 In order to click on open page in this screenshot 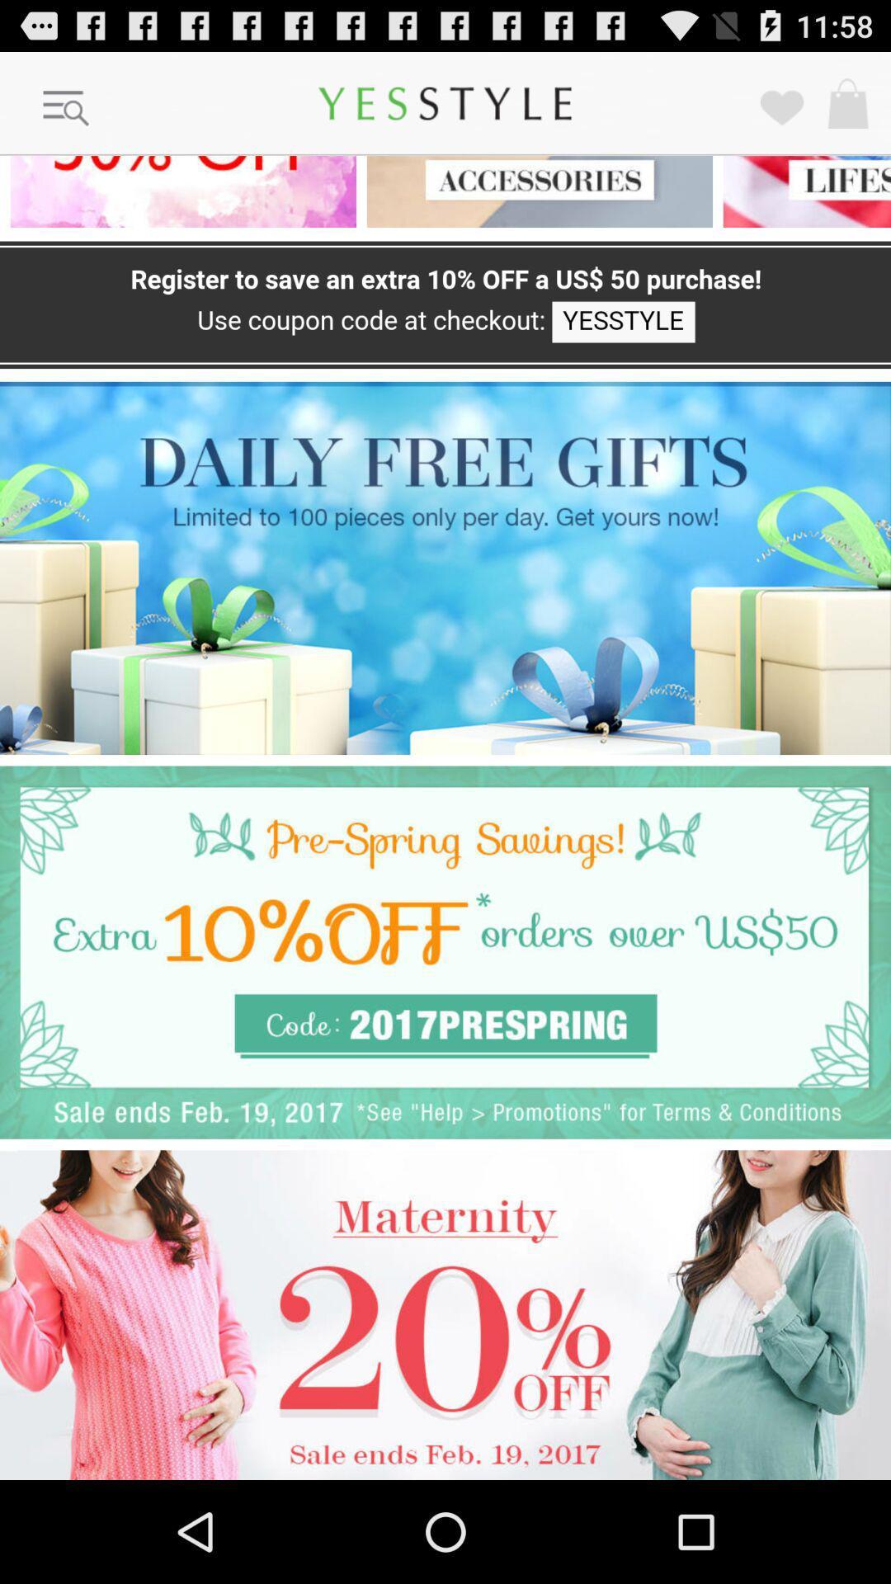, I will do `click(178, 191)`.